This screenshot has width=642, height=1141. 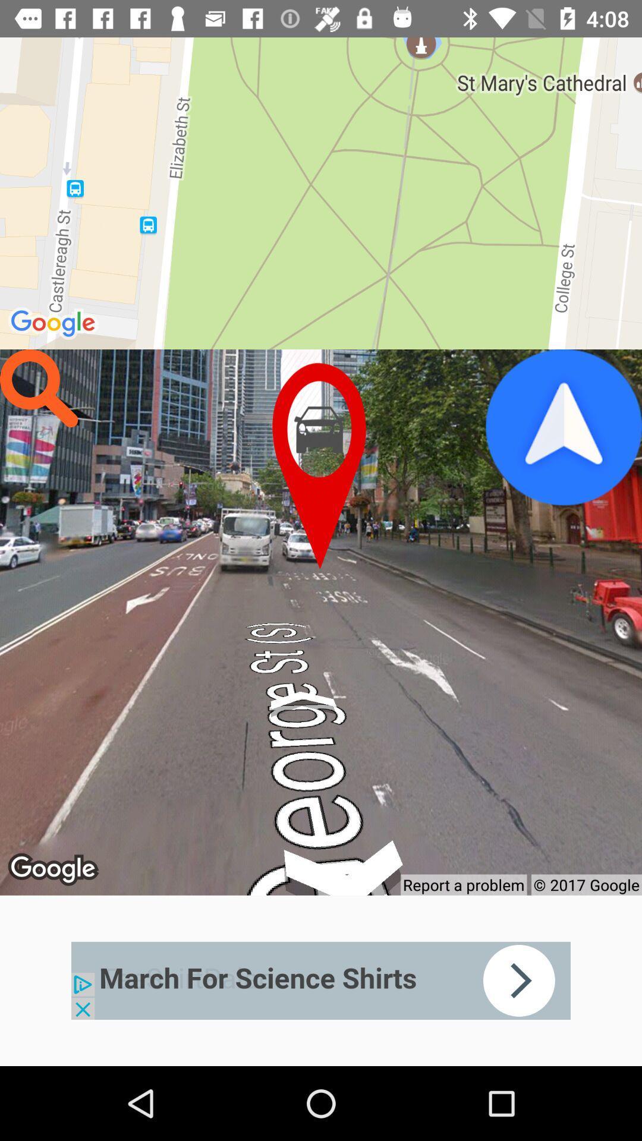 What do you see at coordinates (321, 981) in the screenshot?
I see `advertisement` at bounding box center [321, 981].